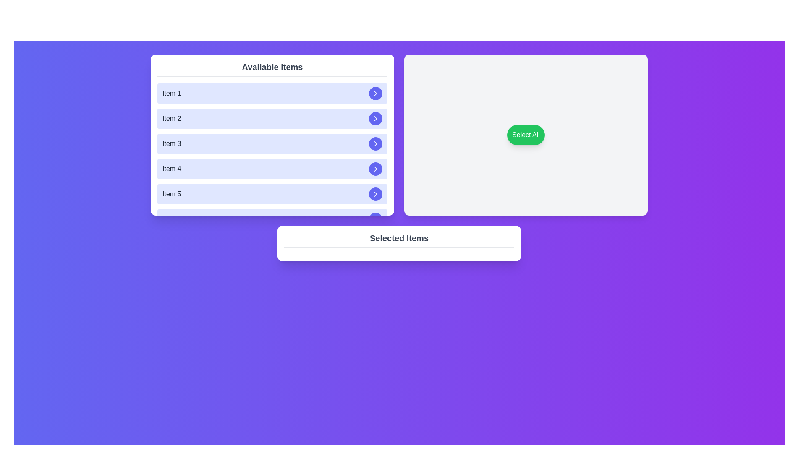  What do you see at coordinates (375, 94) in the screenshot?
I see `the first chevron-right icon adjacent to 'Item 1' in the list of 'Available Items'` at bounding box center [375, 94].